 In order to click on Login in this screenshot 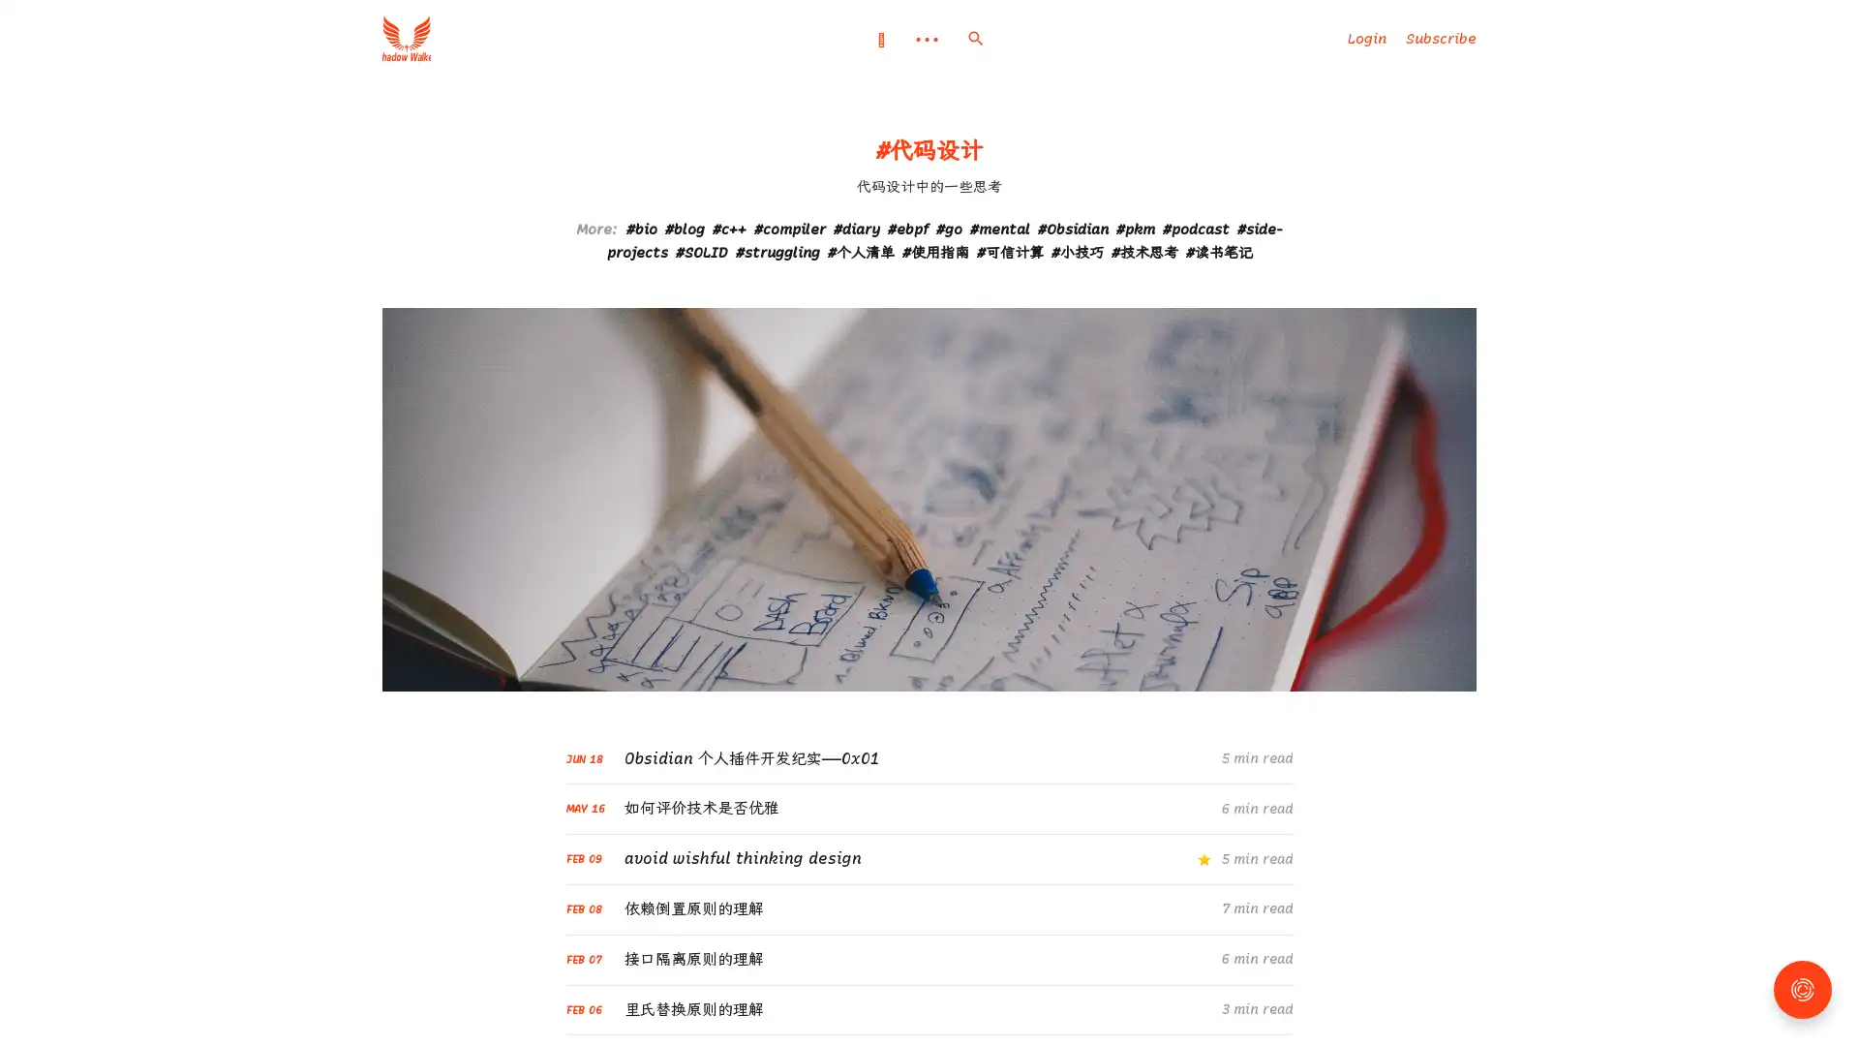, I will do `click(1365, 38)`.